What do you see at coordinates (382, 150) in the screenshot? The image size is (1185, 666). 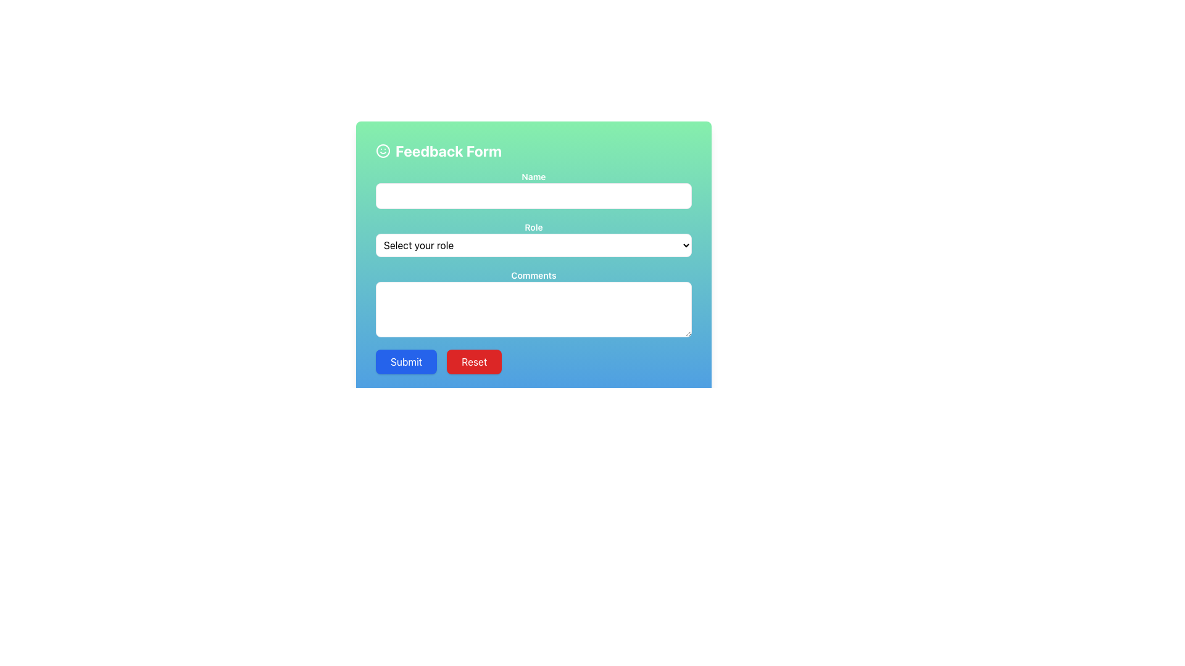 I see `the Circular SVG element that forms the outer boundary of the smiley face icon, which is located to the left of the 'Feedback Form' text` at bounding box center [382, 150].